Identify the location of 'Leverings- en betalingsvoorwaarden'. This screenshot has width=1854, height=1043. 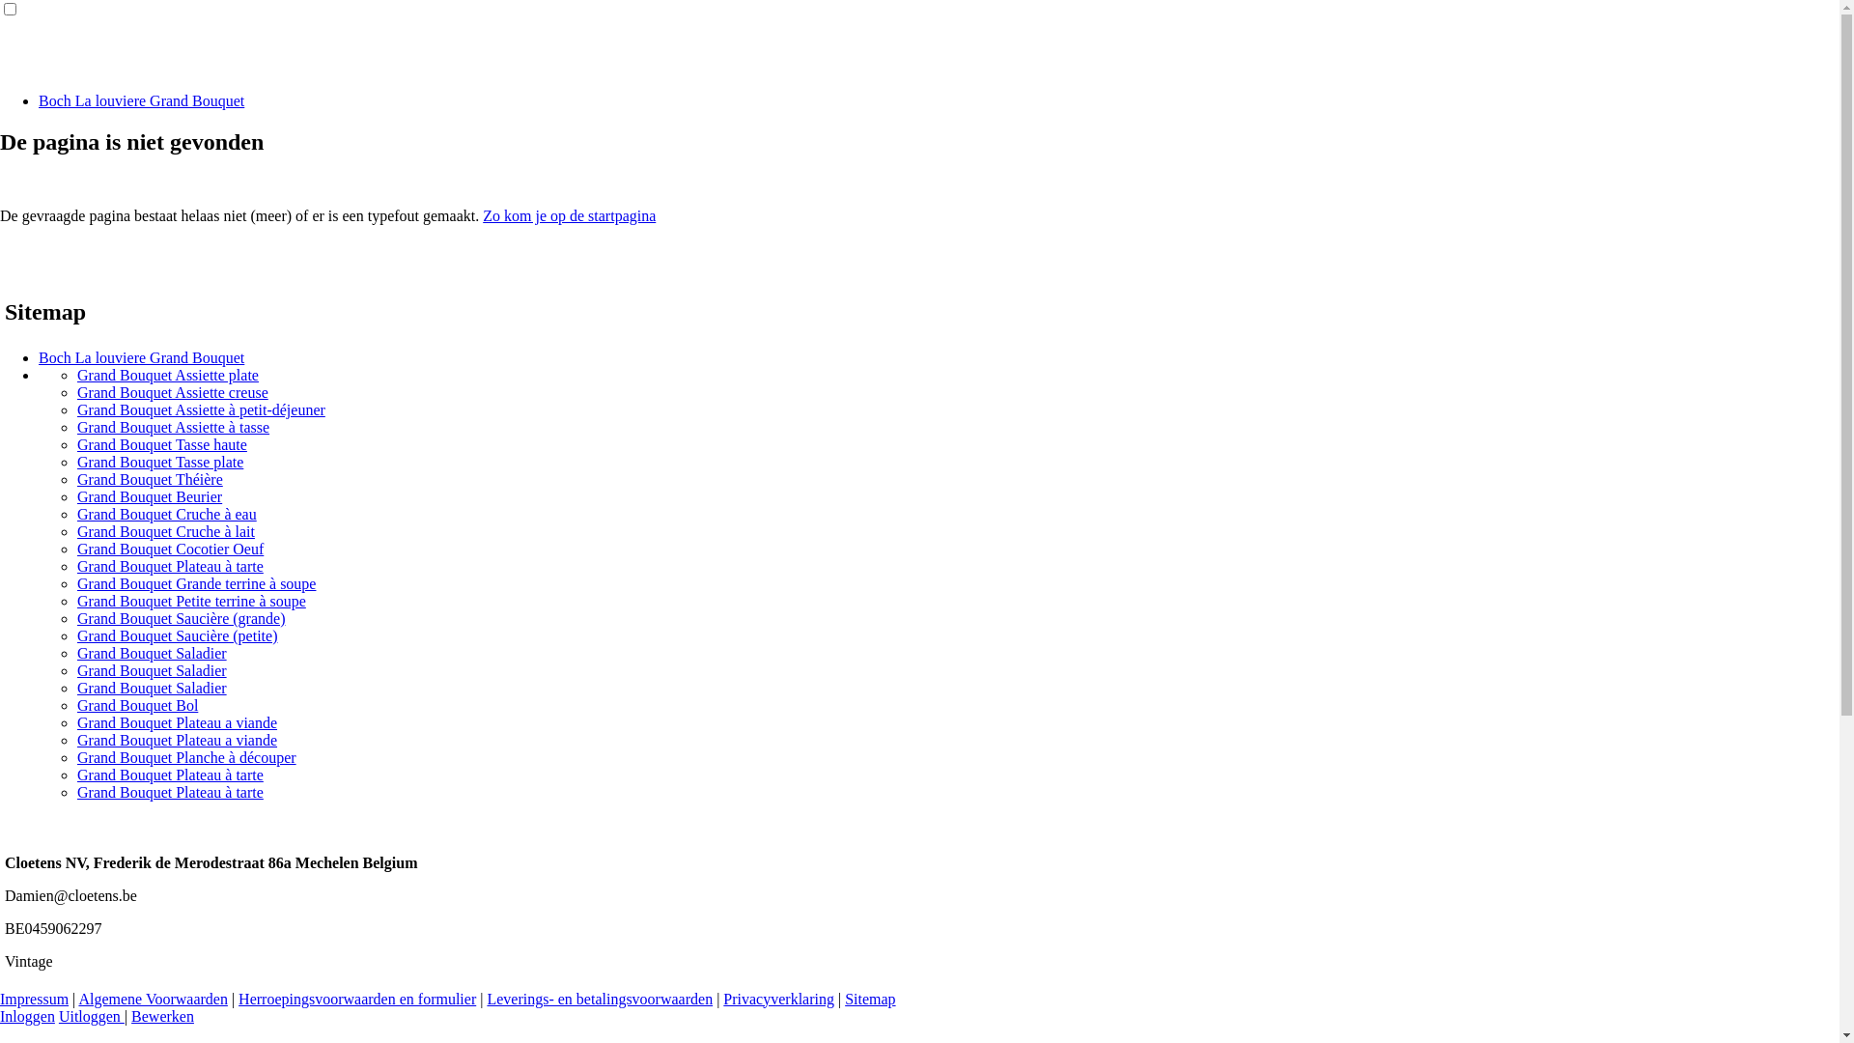
(598, 999).